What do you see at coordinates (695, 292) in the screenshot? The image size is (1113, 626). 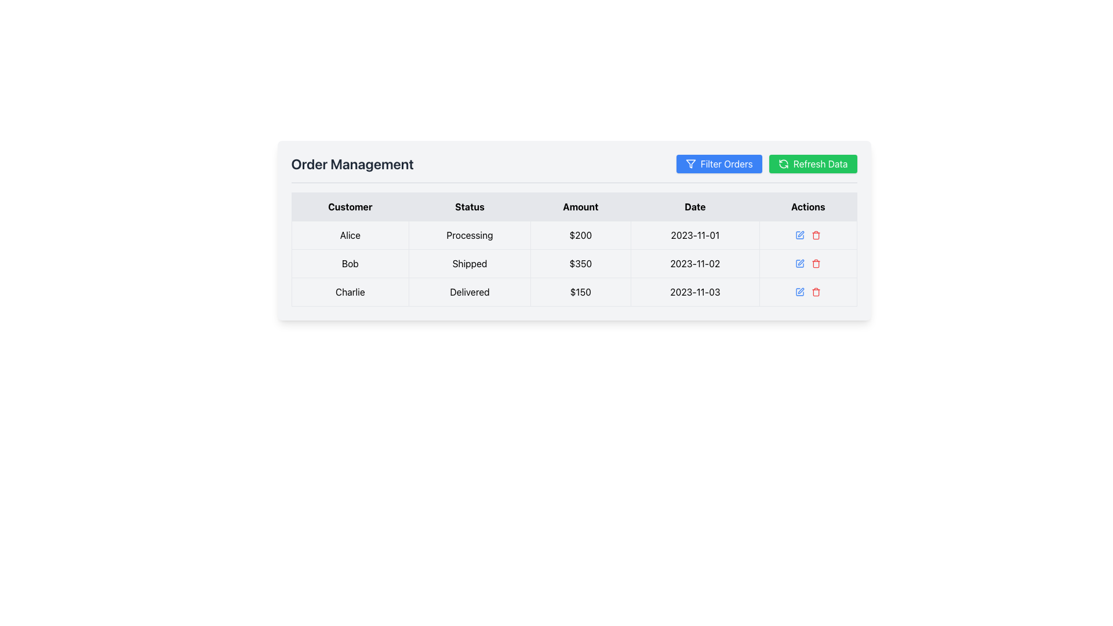 I see `the Text Display element that shows the date of the record in the 'Date' column of the third row, located between the '$150' entry in the 'Amount' column and the 'Actions' column` at bounding box center [695, 292].